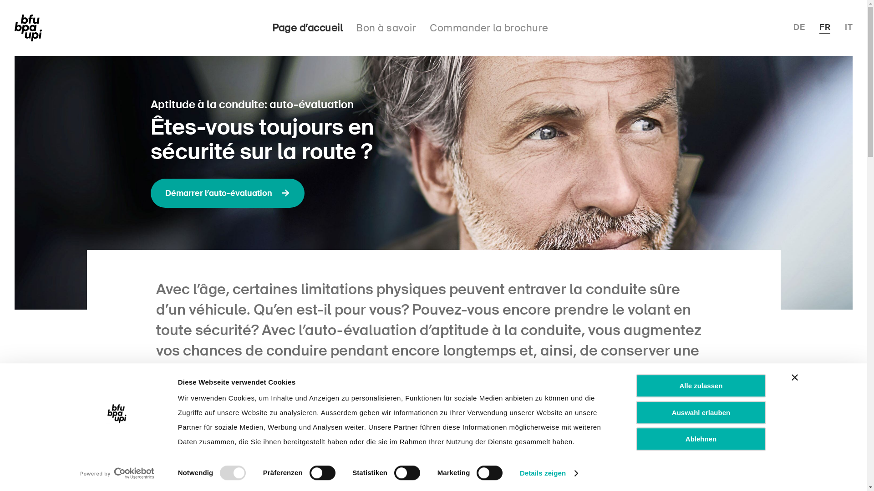 Image resolution: width=874 pixels, height=491 pixels. What do you see at coordinates (793, 27) in the screenshot?
I see `'DE'` at bounding box center [793, 27].